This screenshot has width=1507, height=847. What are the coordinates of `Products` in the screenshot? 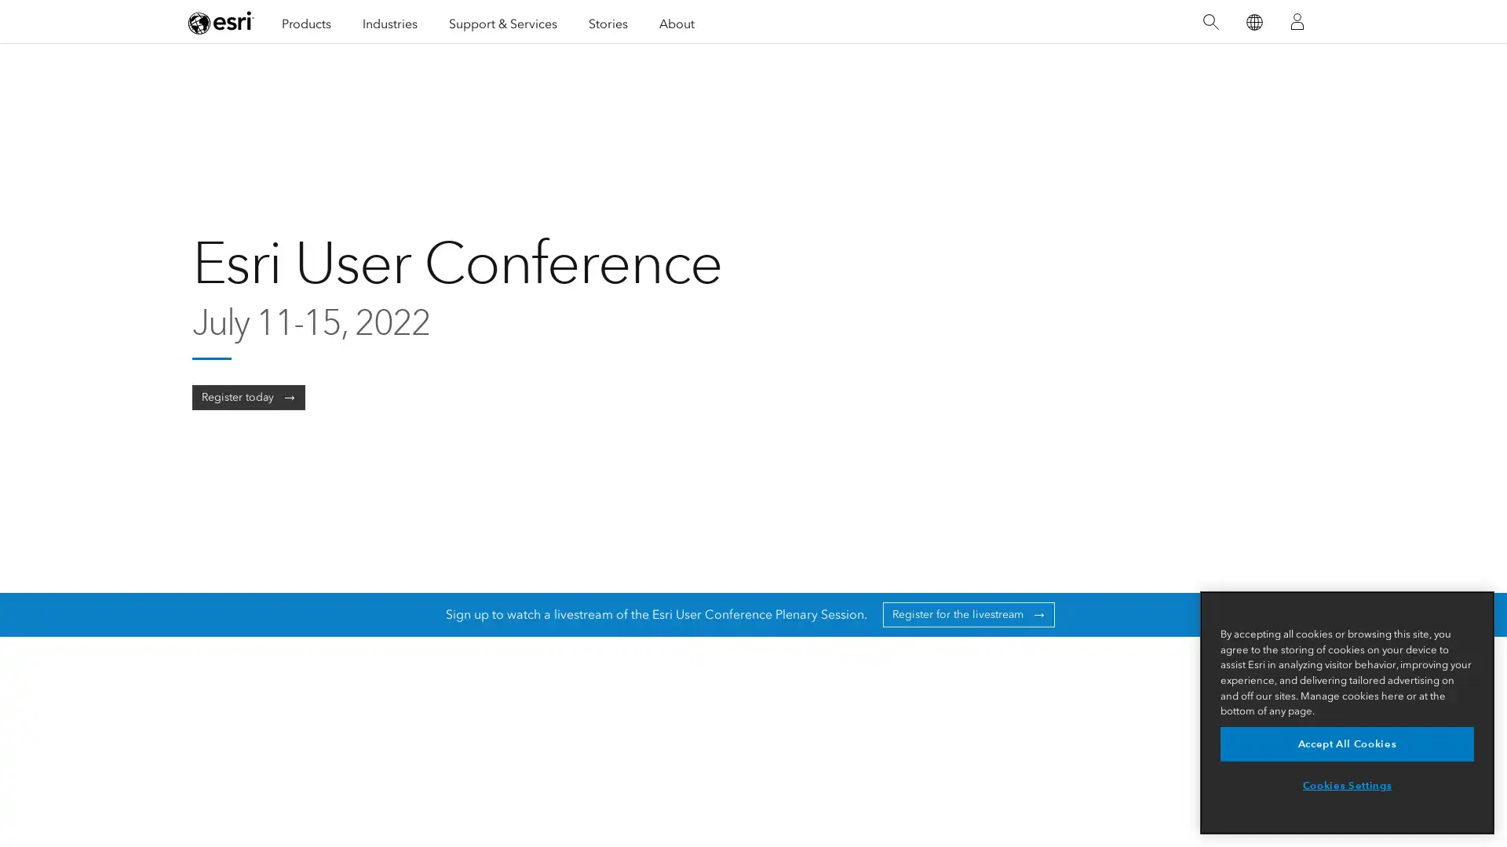 It's located at (306, 21).